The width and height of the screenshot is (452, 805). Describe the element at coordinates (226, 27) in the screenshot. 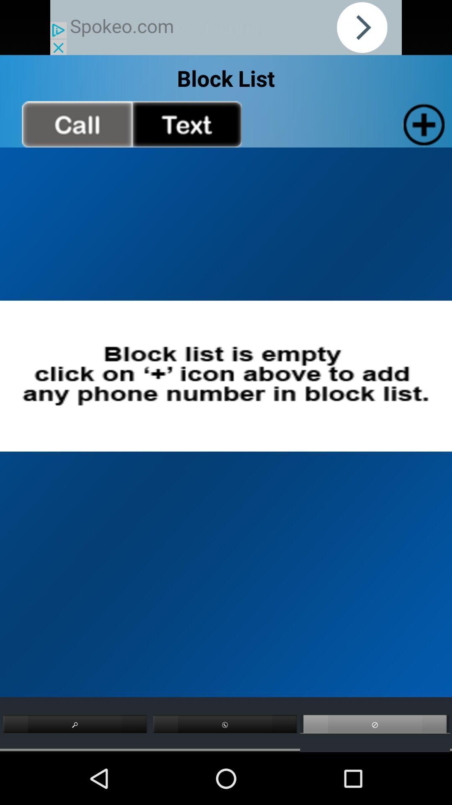

I see `open advertisement` at that location.